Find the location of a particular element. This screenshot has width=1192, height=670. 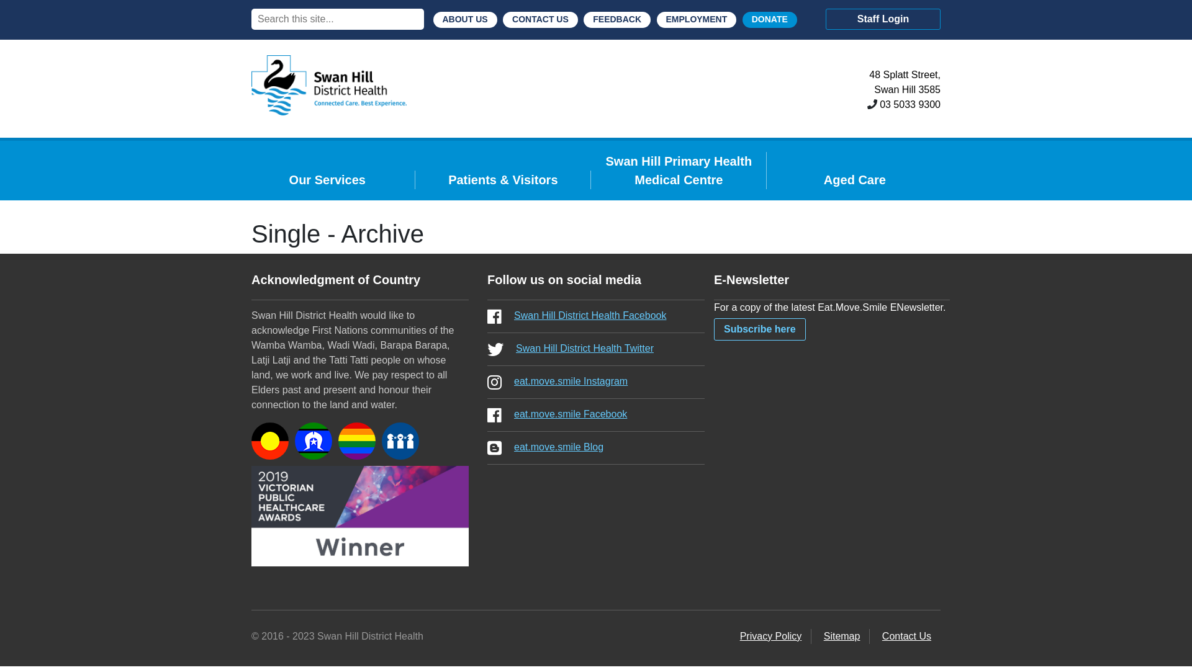

'Sitemap' is located at coordinates (842, 636).